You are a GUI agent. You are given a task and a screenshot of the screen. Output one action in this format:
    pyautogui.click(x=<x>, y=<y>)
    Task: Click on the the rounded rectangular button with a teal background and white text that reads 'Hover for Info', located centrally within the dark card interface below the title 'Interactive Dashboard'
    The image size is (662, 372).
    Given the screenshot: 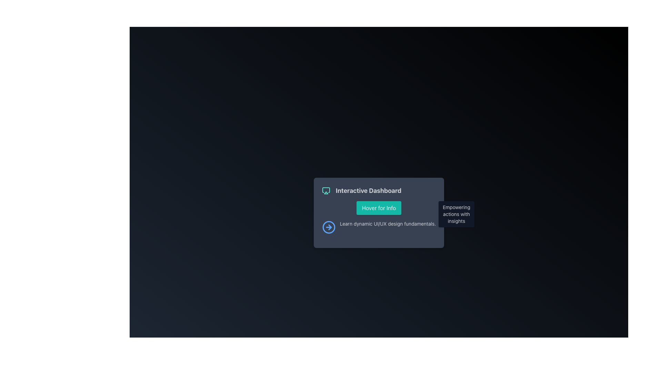 What is the action you would take?
    pyautogui.click(x=379, y=208)
    